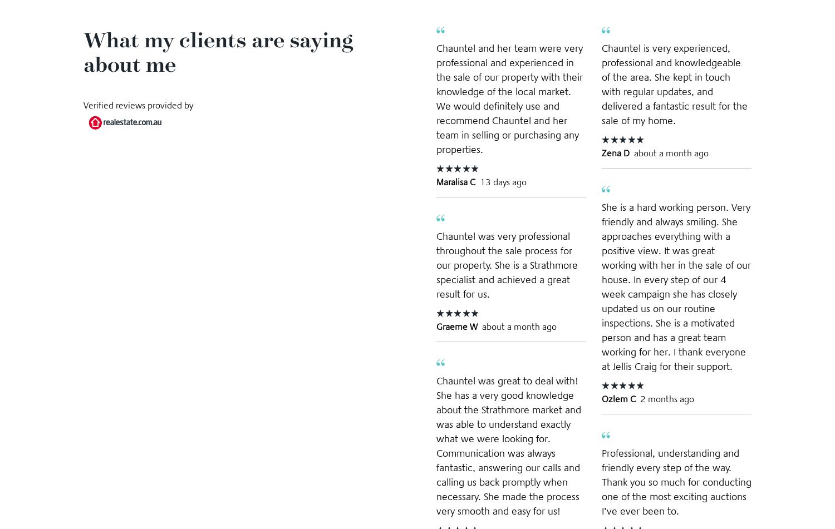 Image resolution: width=835 pixels, height=529 pixels. I want to click on '13 days ago', so click(503, 181).